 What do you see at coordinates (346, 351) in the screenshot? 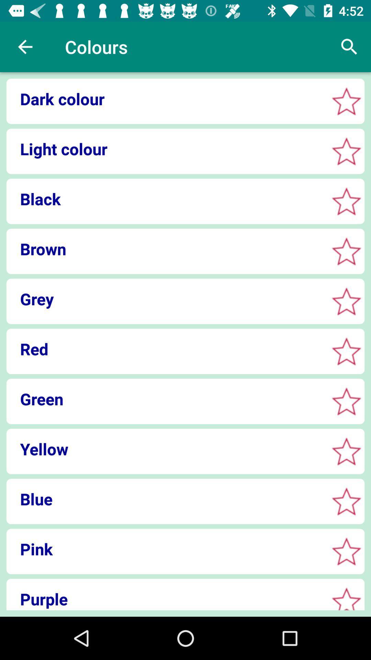
I see `to favorite` at bounding box center [346, 351].